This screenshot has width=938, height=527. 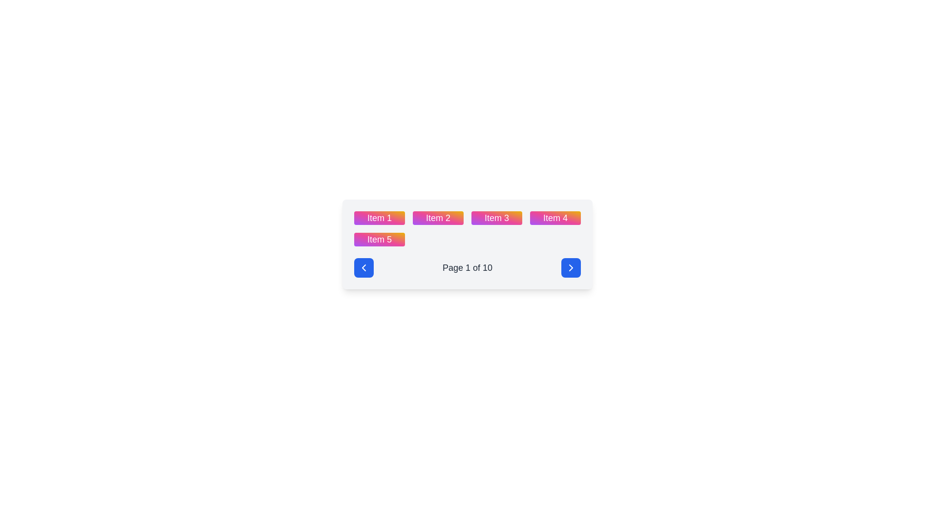 What do you see at coordinates (571, 267) in the screenshot?
I see `the blue circular button containing the right-pointing chevron icon` at bounding box center [571, 267].